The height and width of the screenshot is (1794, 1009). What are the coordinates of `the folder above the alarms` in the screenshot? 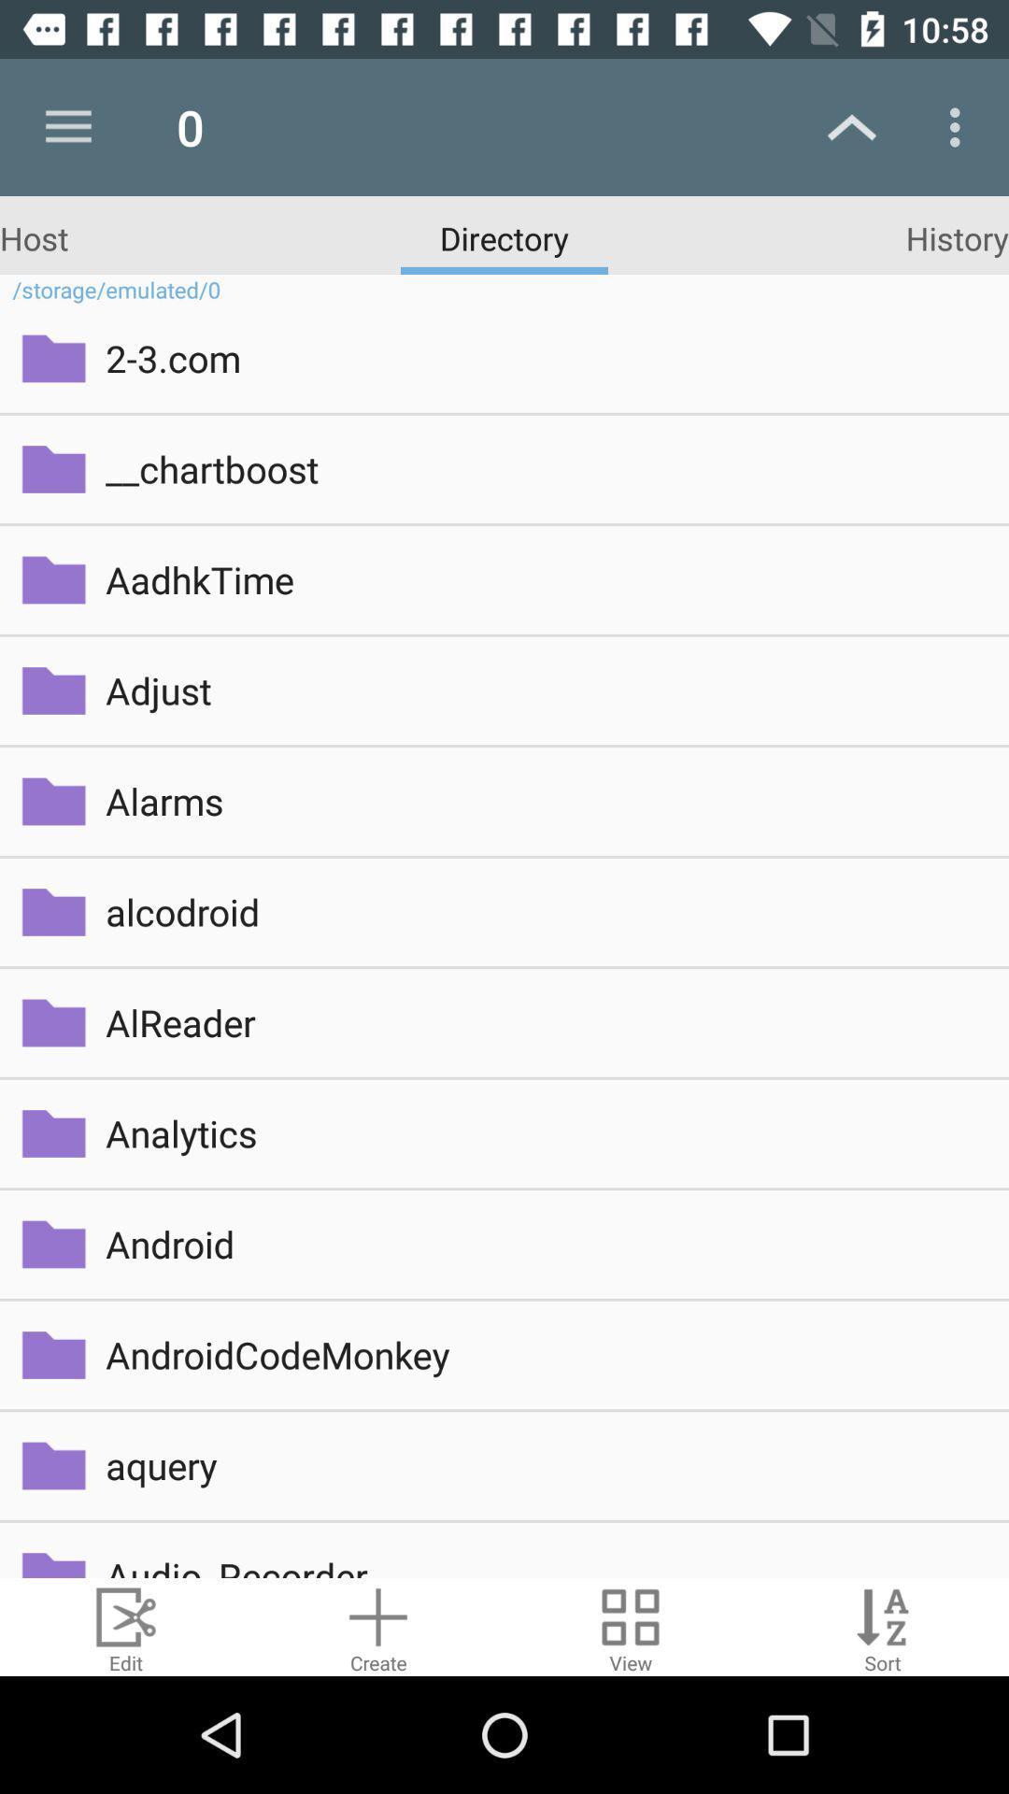 It's located at (52, 690).